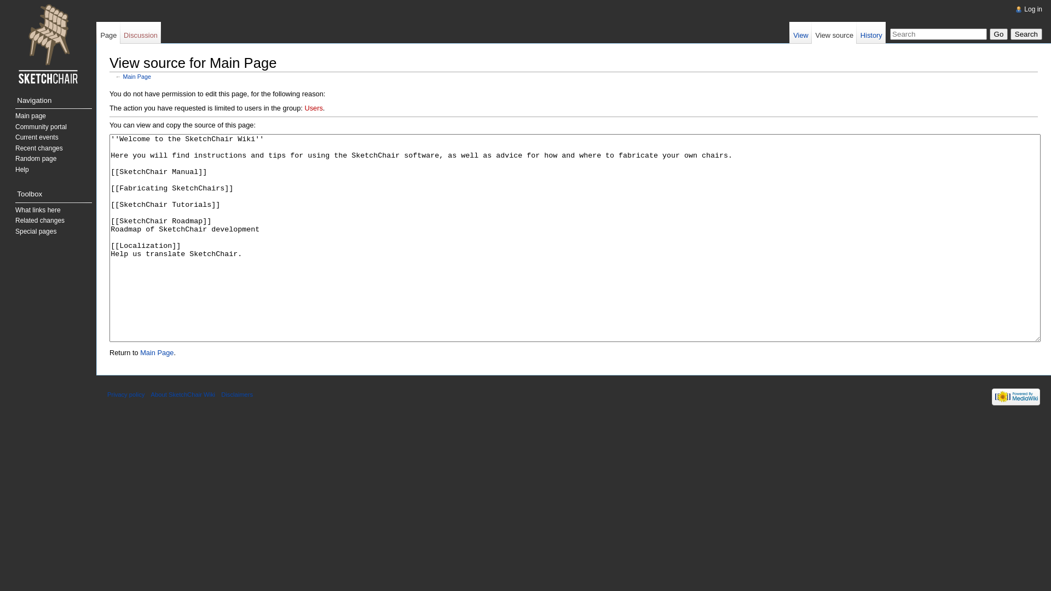  Describe the element at coordinates (938, 33) in the screenshot. I see `'Search SketchChair Wiki [alt-f]'` at that location.